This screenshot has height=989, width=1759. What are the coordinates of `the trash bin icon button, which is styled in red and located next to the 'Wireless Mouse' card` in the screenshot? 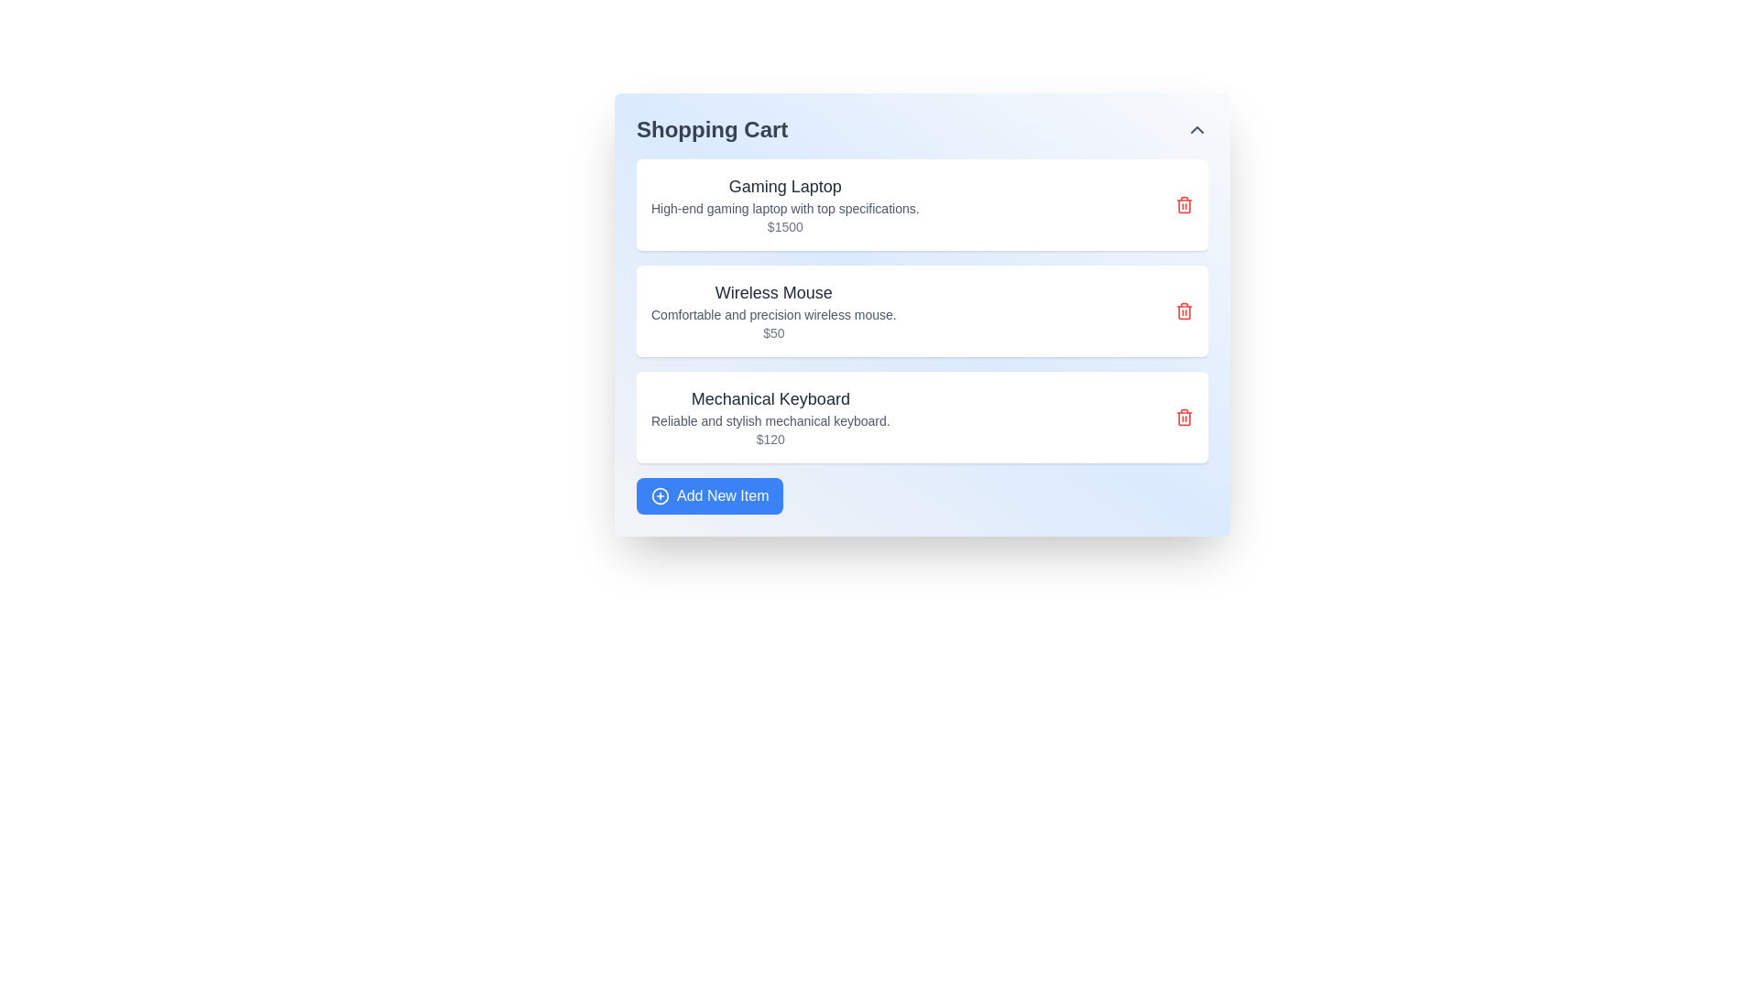 It's located at (1184, 310).